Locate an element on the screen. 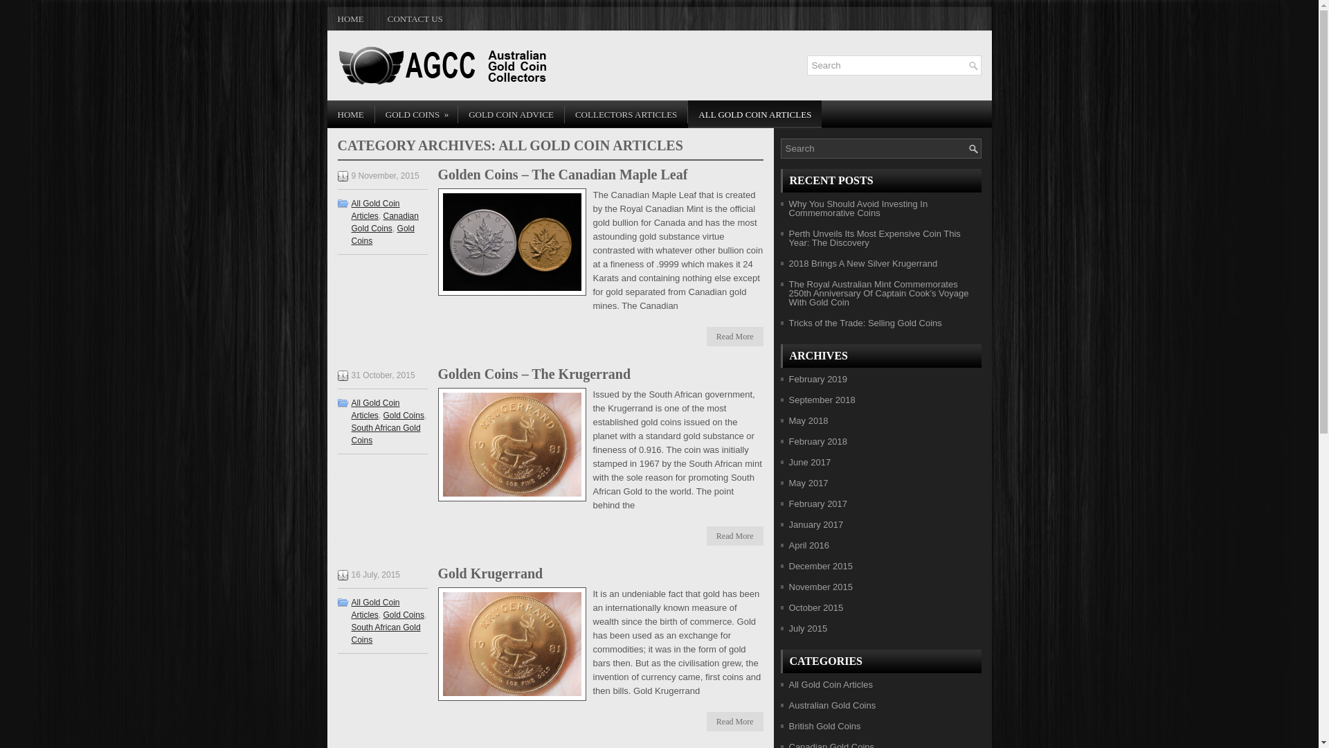  'January 2017' is located at coordinates (816, 524).